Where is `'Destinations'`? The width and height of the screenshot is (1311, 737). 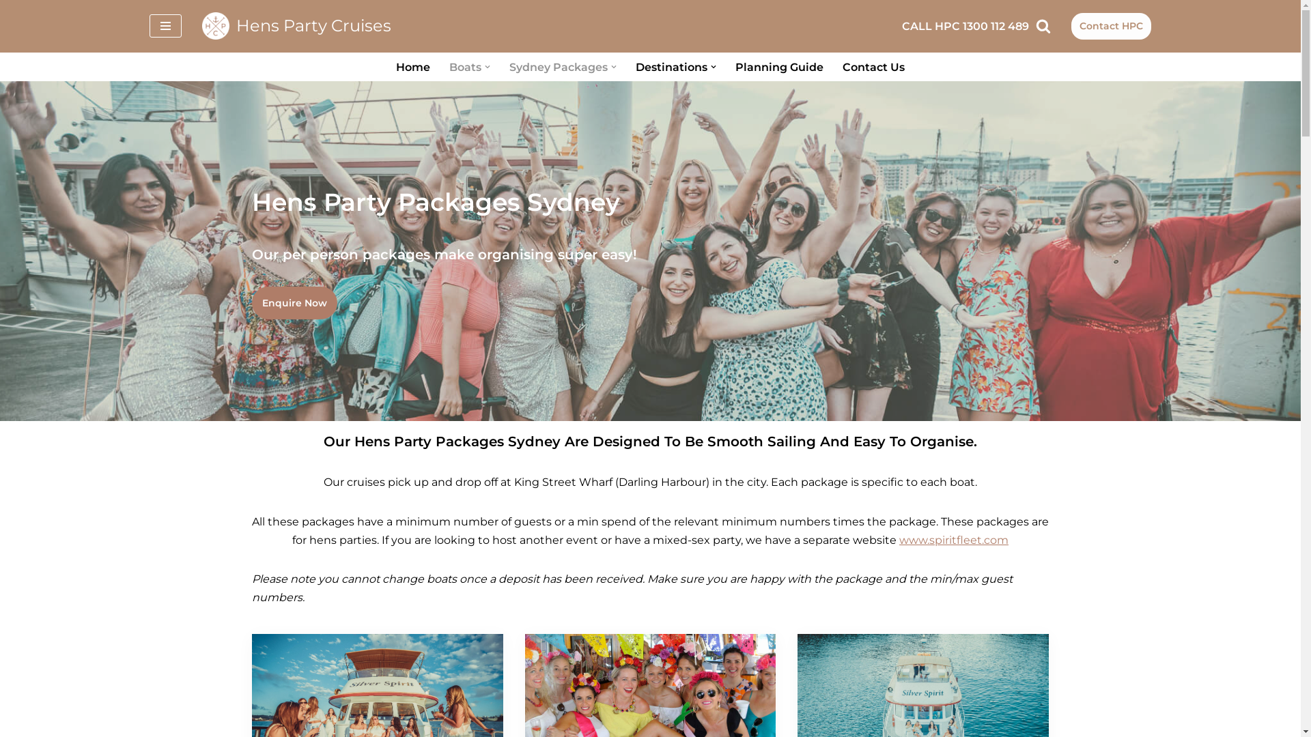 'Destinations' is located at coordinates (671, 67).